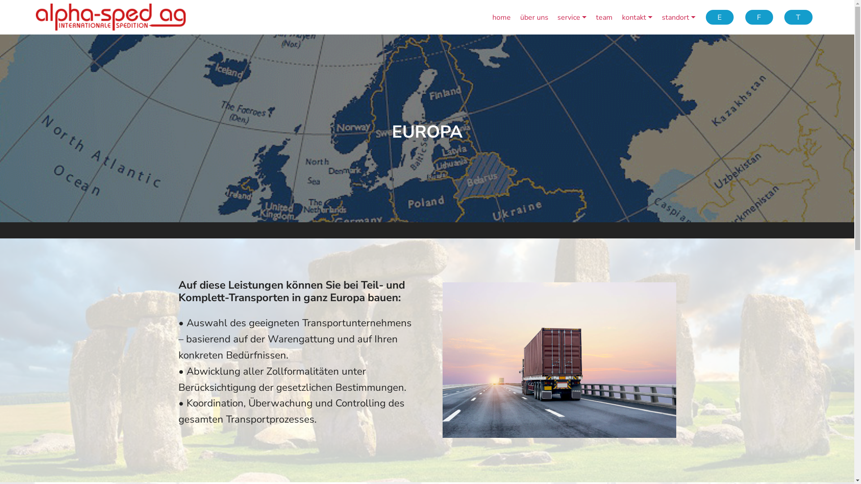 The width and height of the screenshot is (861, 484). What do you see at coordinates (571, 17) in the screenshot?
I see `'service'` at bounding box center [571, 17].